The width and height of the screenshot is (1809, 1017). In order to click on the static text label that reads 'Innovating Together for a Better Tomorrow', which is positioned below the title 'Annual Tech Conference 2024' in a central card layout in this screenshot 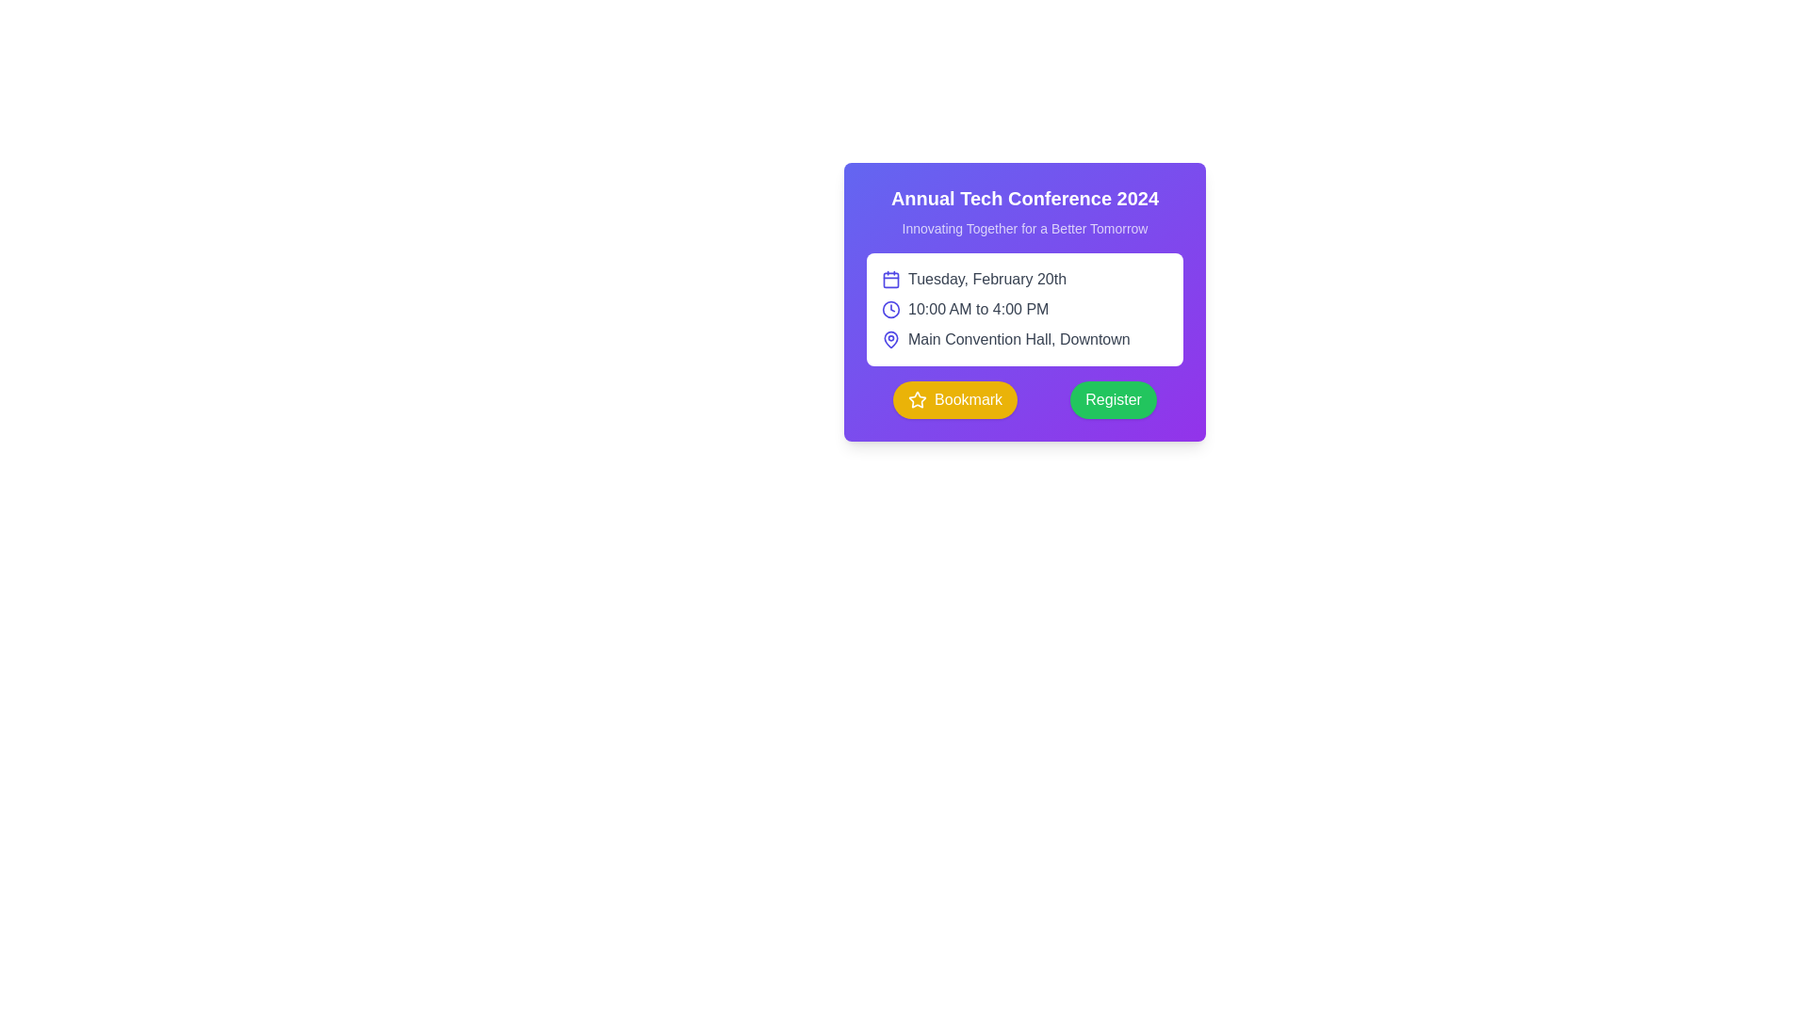, I will do `click(1024, 228)`.